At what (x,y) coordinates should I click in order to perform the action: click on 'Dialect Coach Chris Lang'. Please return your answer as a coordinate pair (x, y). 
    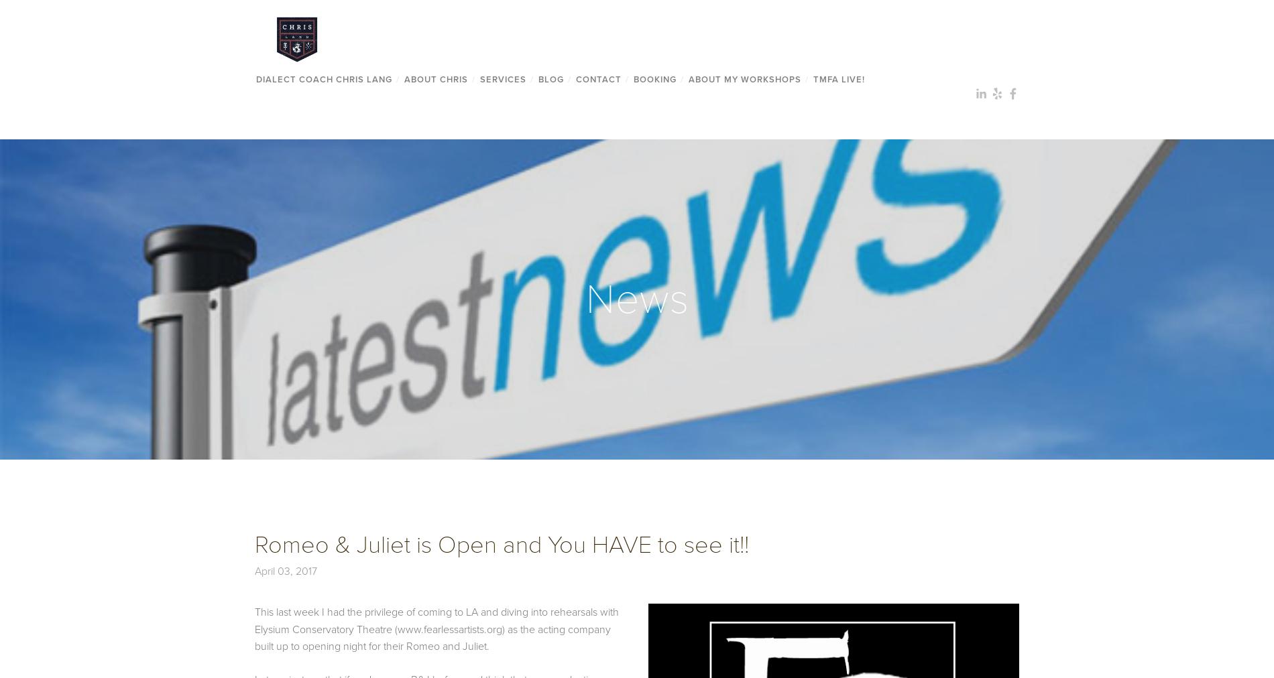
    Looking at the image, I should click on (323, 78).